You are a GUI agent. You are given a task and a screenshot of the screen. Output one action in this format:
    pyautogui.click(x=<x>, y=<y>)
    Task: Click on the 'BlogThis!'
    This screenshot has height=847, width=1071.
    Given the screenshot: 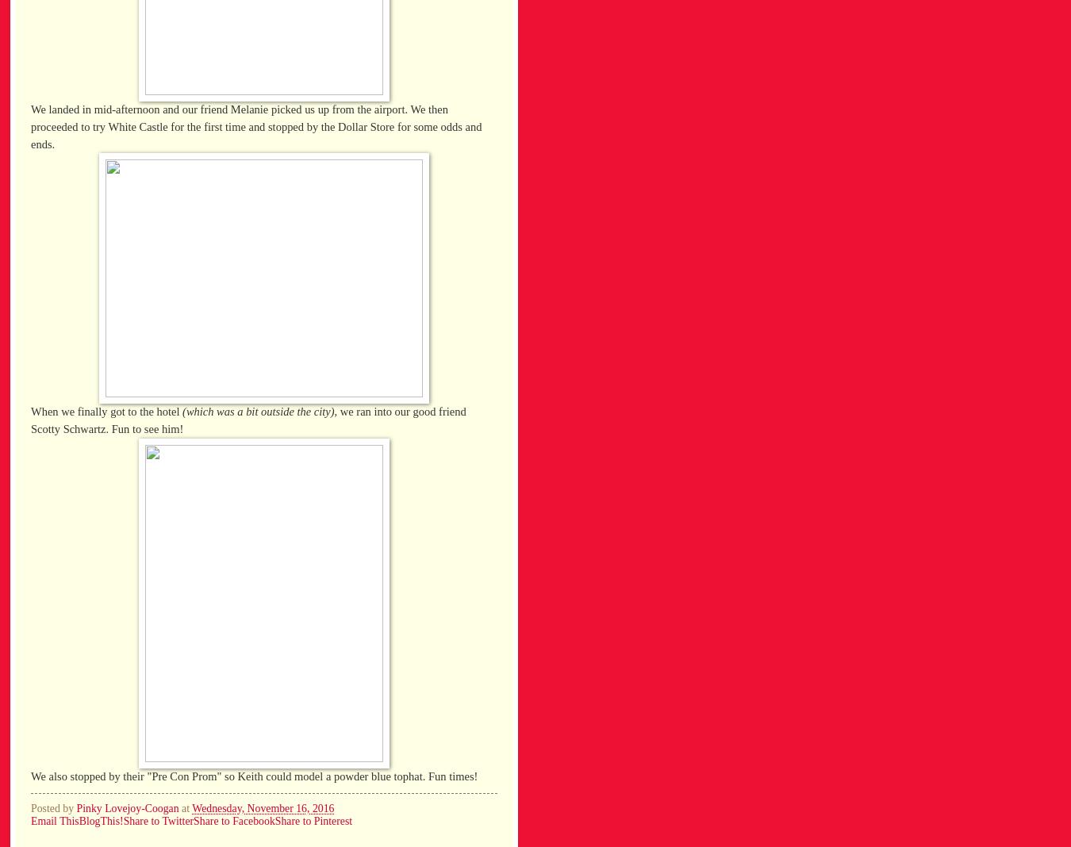 What is the action you would take?
    pyautogui.click(x=101, y=821)
    